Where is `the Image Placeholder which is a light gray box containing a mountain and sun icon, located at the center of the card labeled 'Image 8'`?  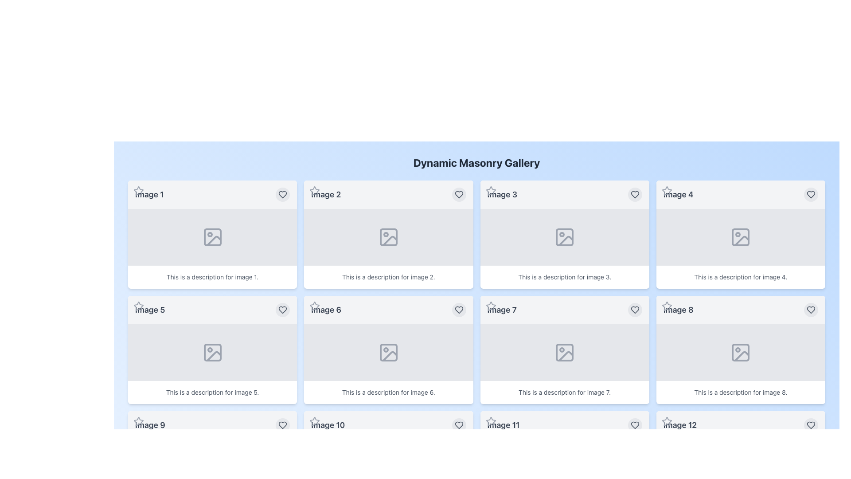
the Image Placeholder which is a light gray box containing a mountain and sun icon, located at the center of the card labeled 'Image 8' is located at coordinates (741, 352).